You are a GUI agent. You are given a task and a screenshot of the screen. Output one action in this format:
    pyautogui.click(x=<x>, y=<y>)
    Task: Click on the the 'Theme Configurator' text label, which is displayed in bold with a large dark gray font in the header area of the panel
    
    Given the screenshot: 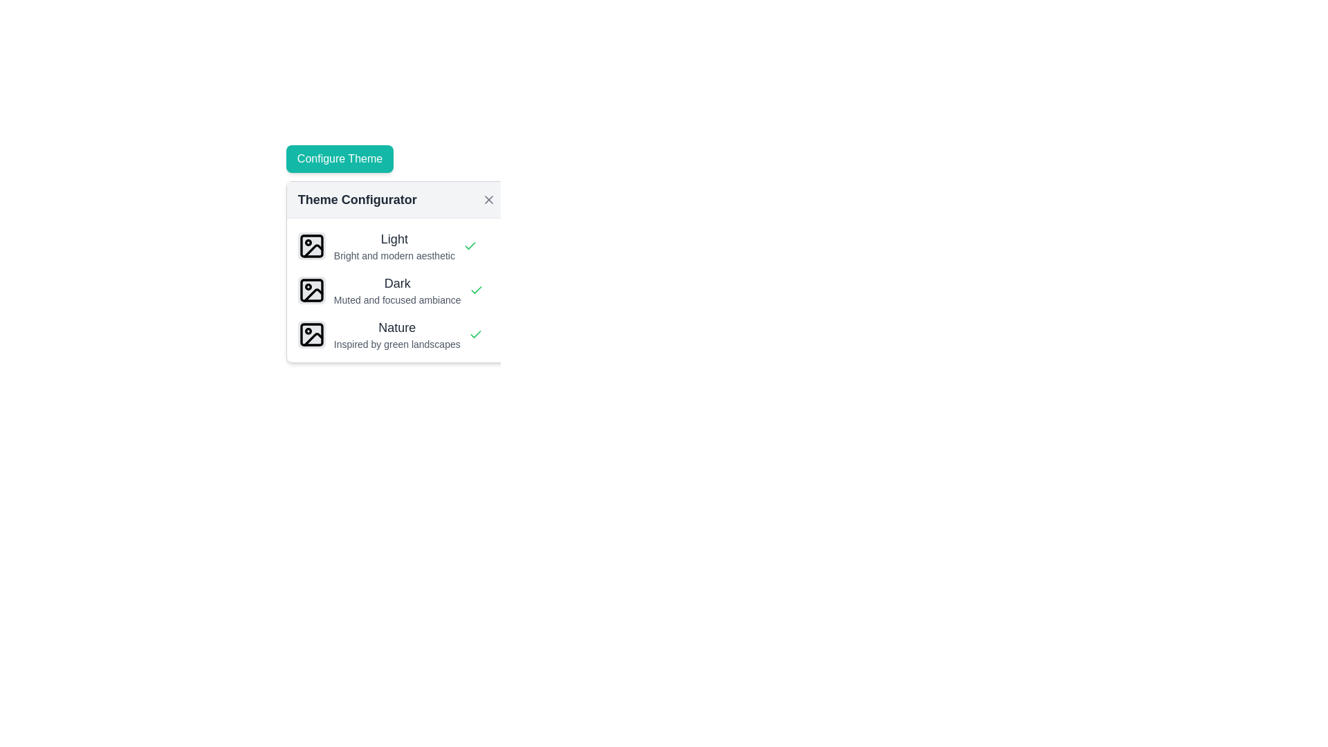 What is the action you would take?
    pyautogui.click(x=357, y=200)
    